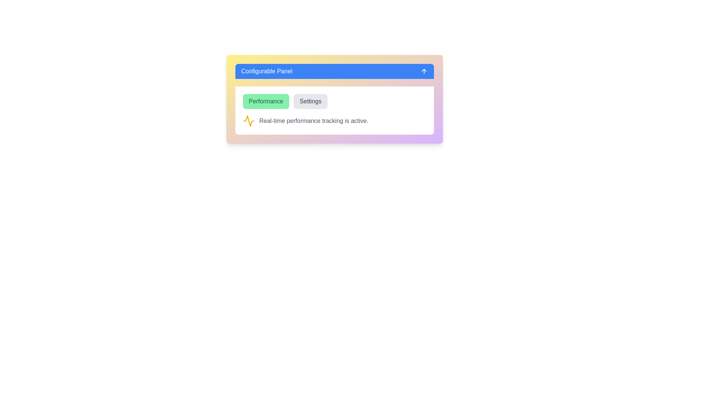 The image size is (722, 406). I want to click on the icon button located at the upper-right corner of the 'Configurable Panel' header, so click(424, 71).